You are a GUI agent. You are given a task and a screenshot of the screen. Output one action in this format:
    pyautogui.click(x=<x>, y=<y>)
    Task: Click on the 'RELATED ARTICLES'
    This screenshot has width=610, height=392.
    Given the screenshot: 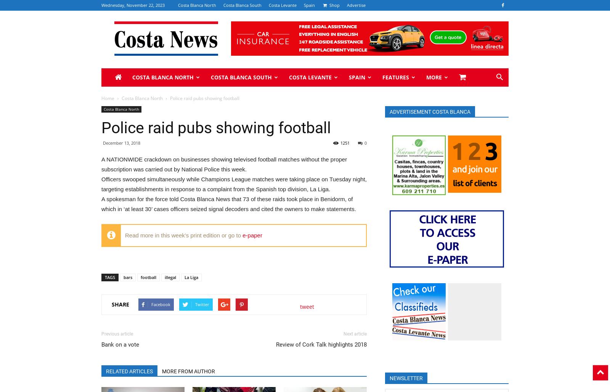 What is the action you would take?
    pyautogui.click(x=129, y=370)
    